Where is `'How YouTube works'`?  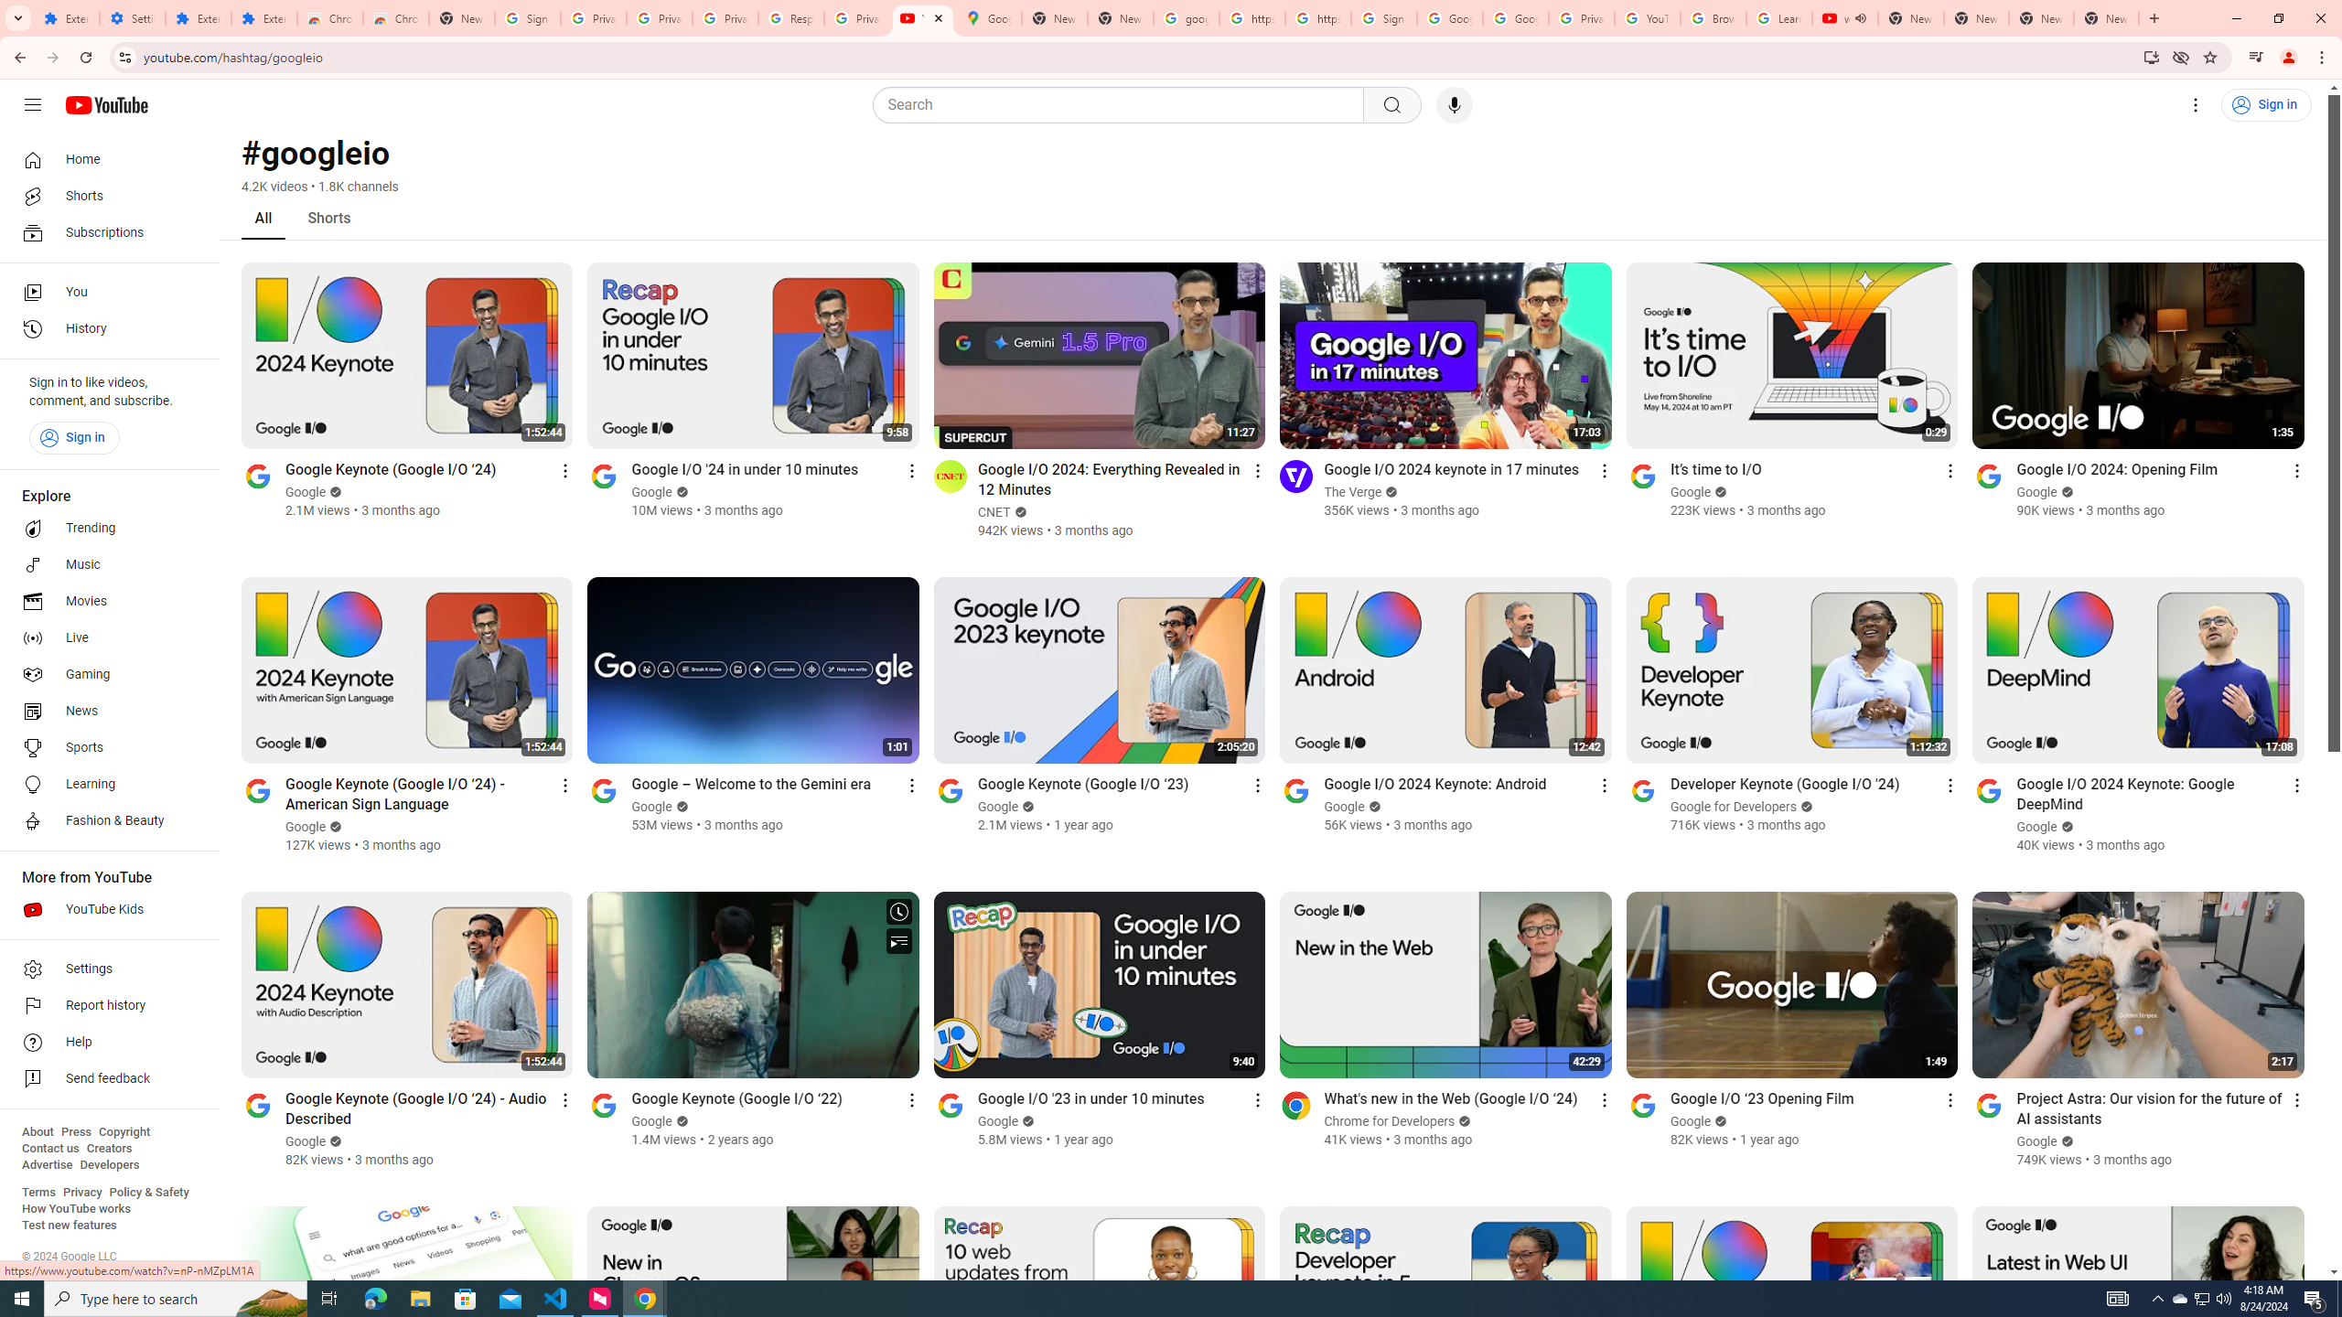 'How YouTube works' is located at coordinates (75, 1208).